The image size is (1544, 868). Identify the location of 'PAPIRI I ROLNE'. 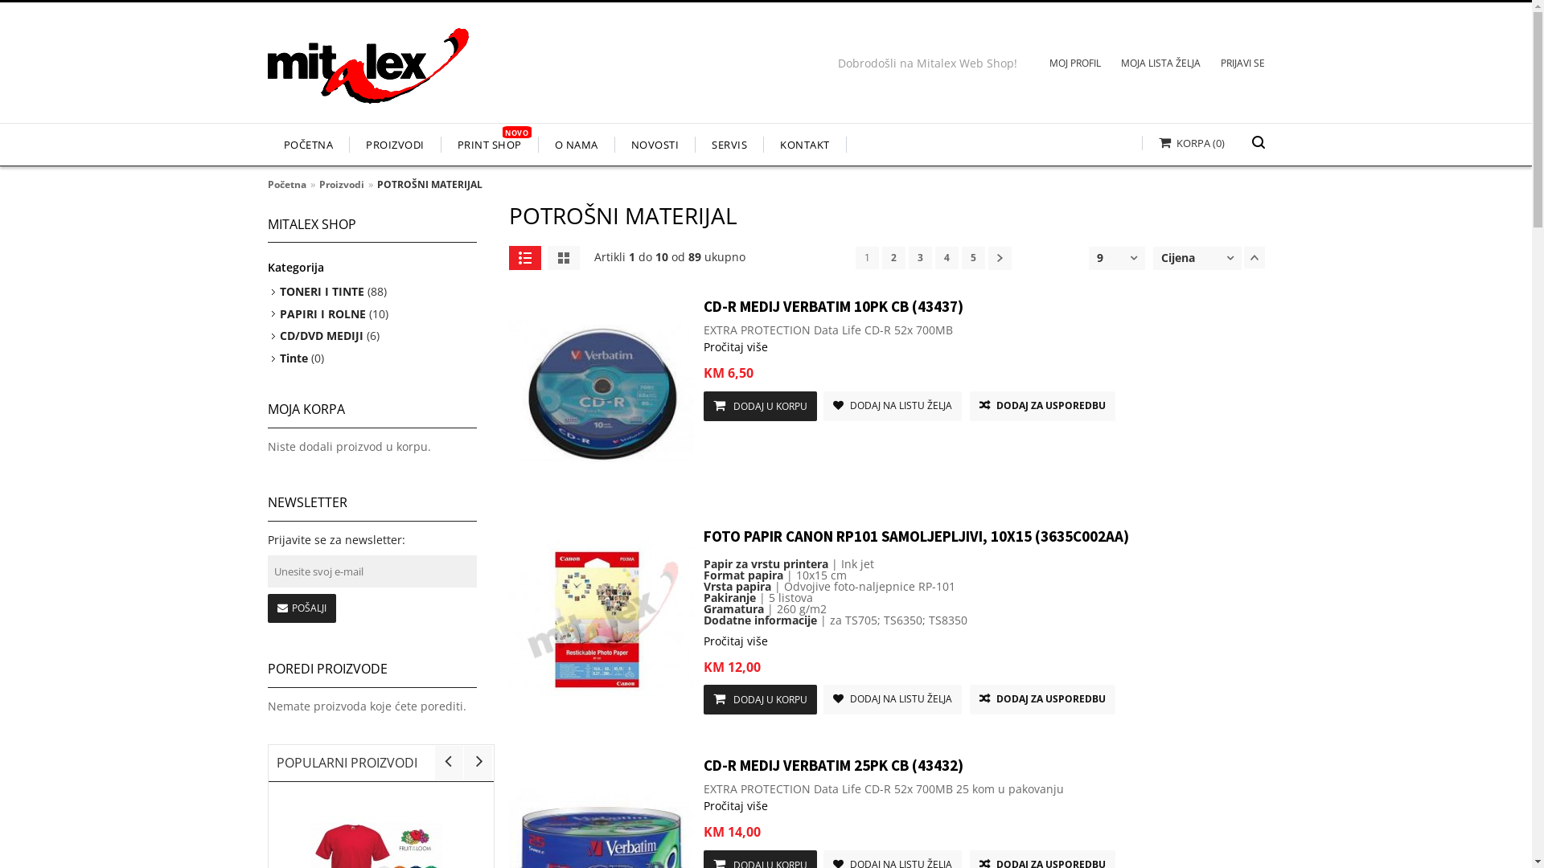
(322, 313).